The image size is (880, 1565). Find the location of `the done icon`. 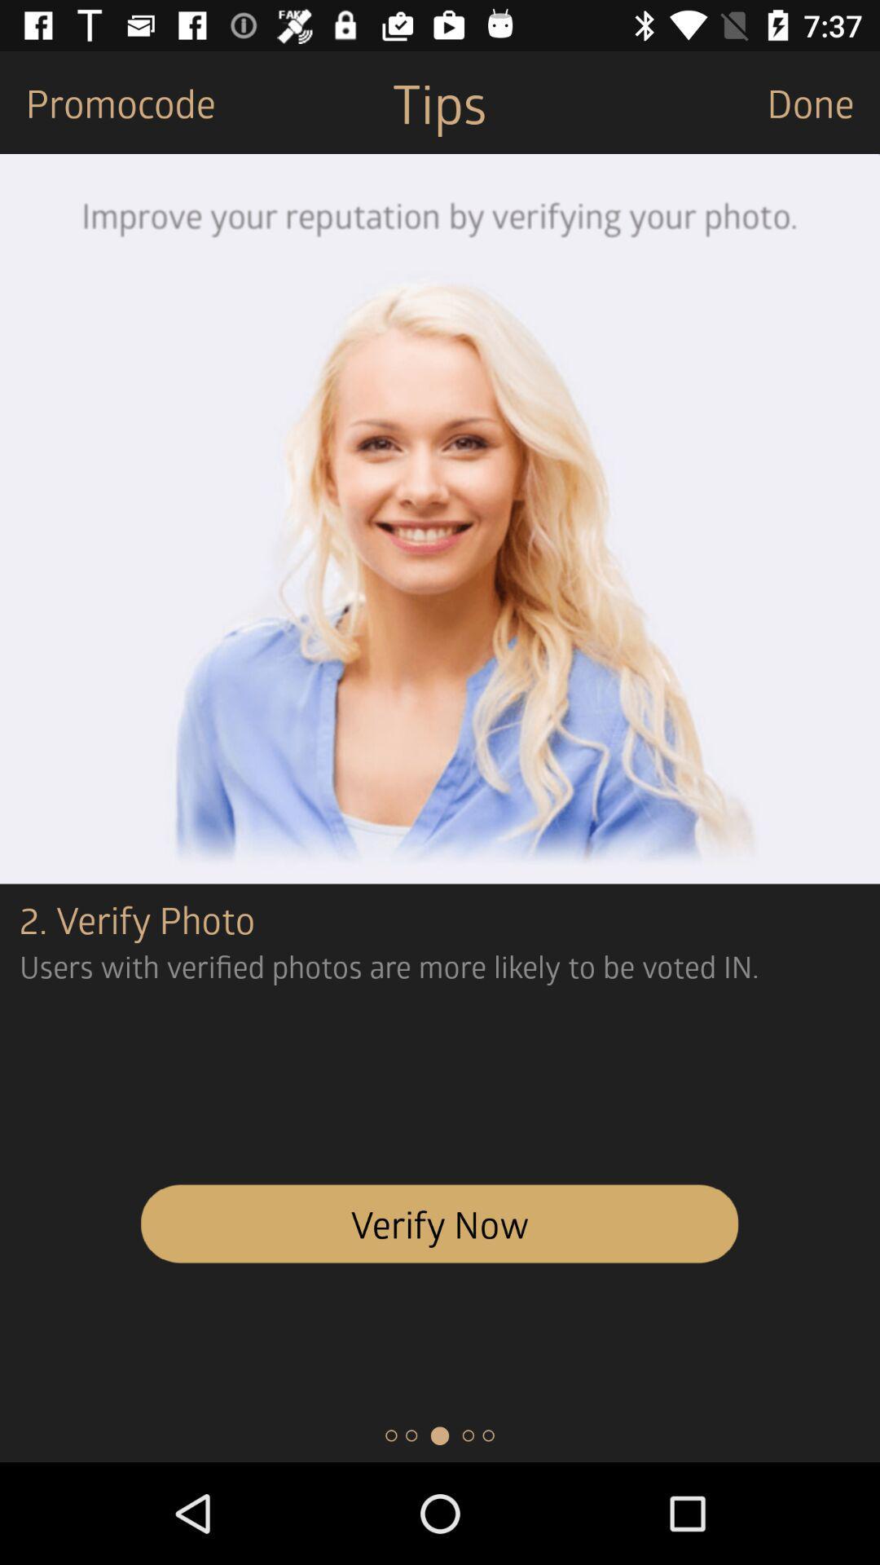

the done icon is located at coordinates (823, 101).